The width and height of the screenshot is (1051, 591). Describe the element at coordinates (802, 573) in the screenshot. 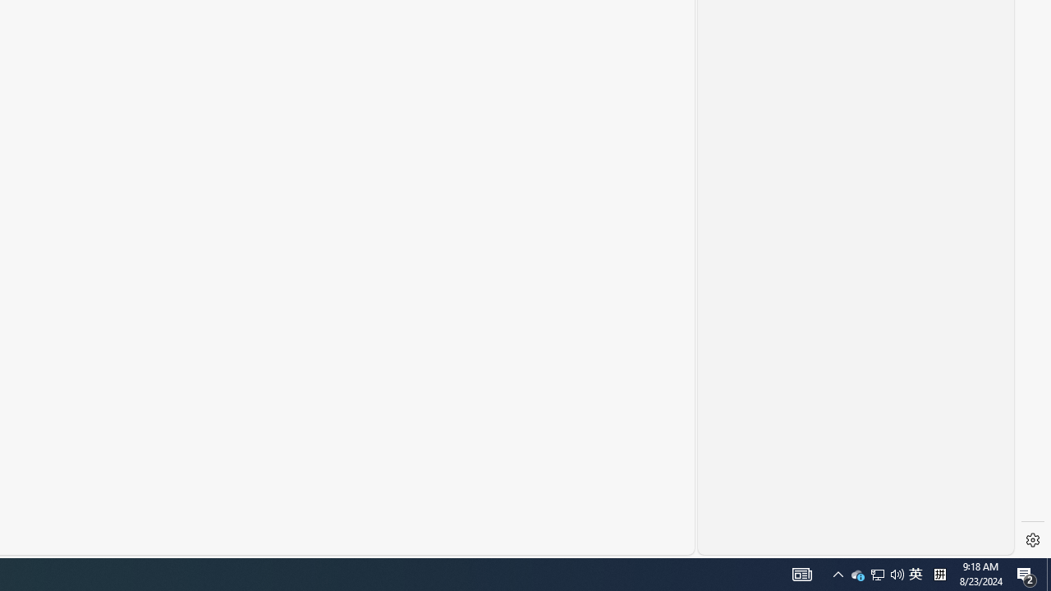

I see `'AutomationID: 4105'` at that location.